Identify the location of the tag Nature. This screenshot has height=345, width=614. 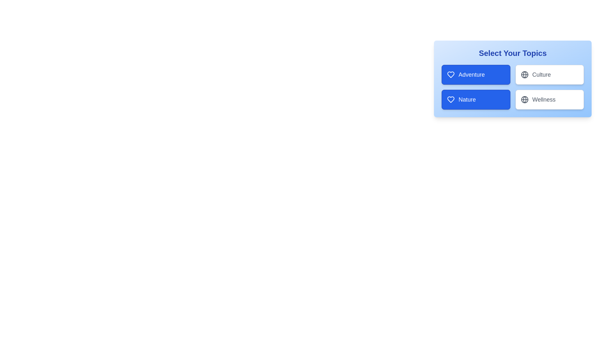
(476, 100).